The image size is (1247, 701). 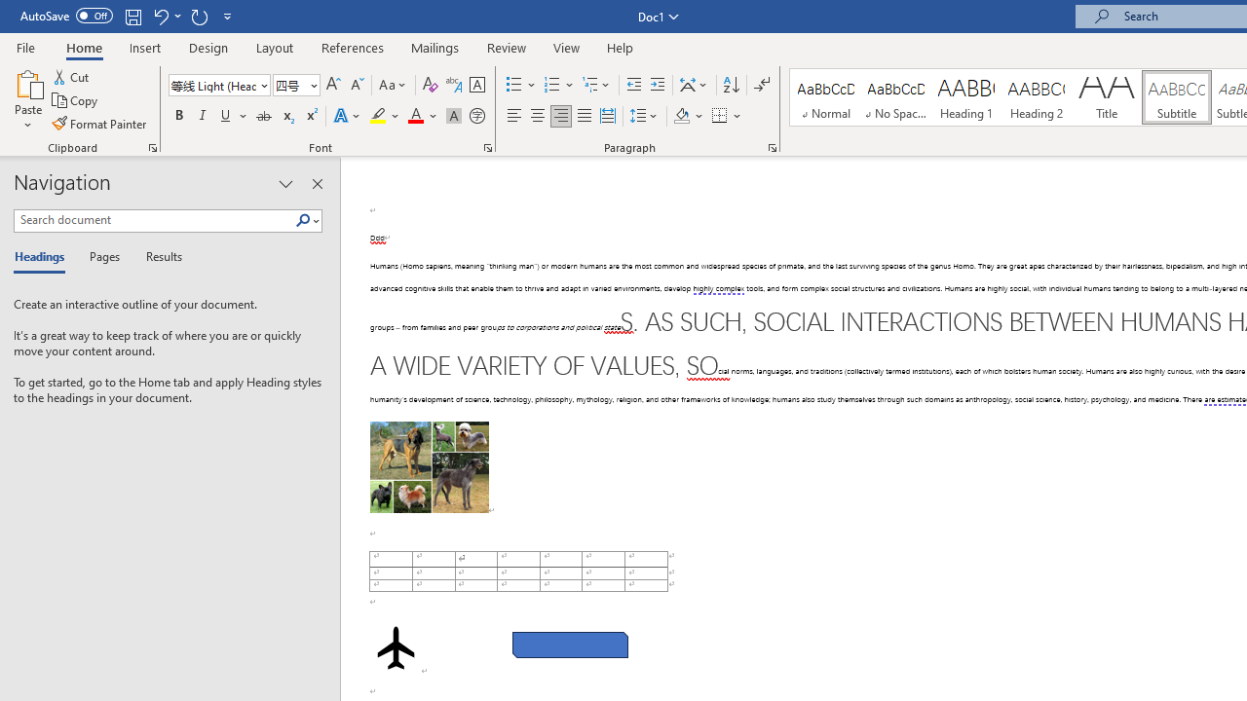 What do you see at coordinates (317, 184) in the screenshot?
I see `'Close pane'` at bounding box center [317, 184].